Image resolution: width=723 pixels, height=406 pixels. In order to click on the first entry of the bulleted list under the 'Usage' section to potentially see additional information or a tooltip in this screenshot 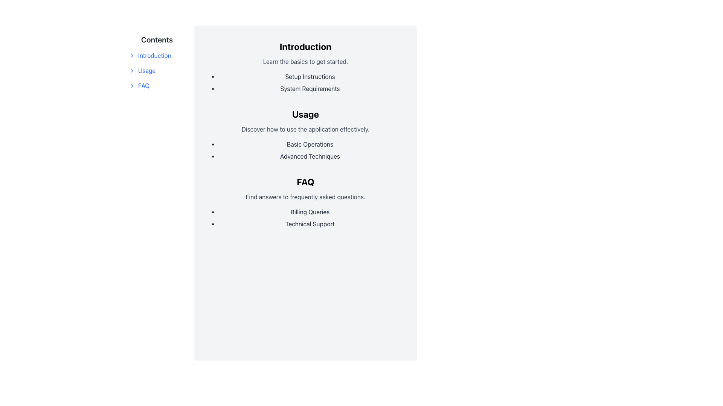, I will do `click(305, 150)`.